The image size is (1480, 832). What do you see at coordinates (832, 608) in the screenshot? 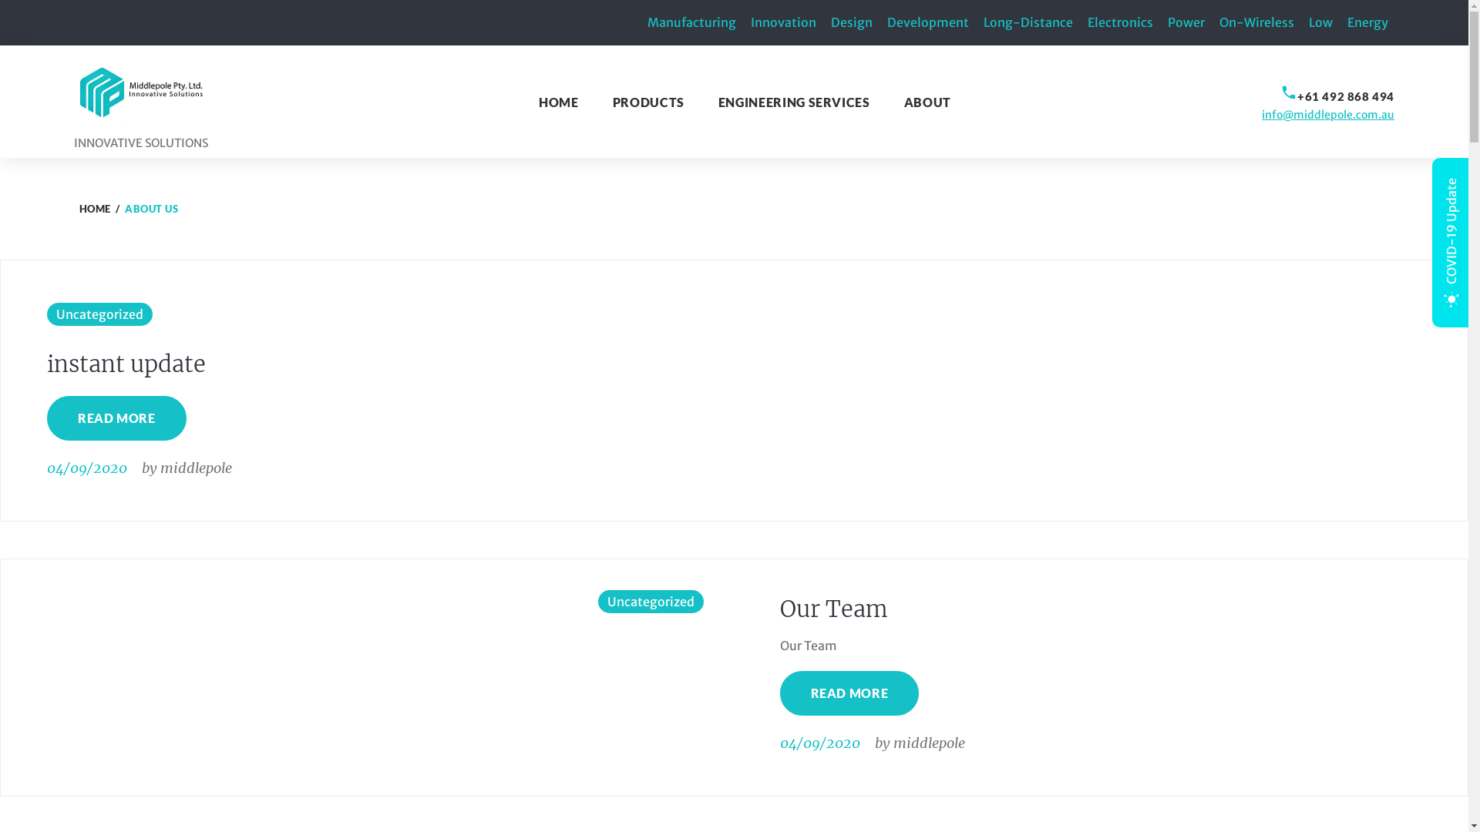
I see `'Our Team'` at bounding box center [832, 608].